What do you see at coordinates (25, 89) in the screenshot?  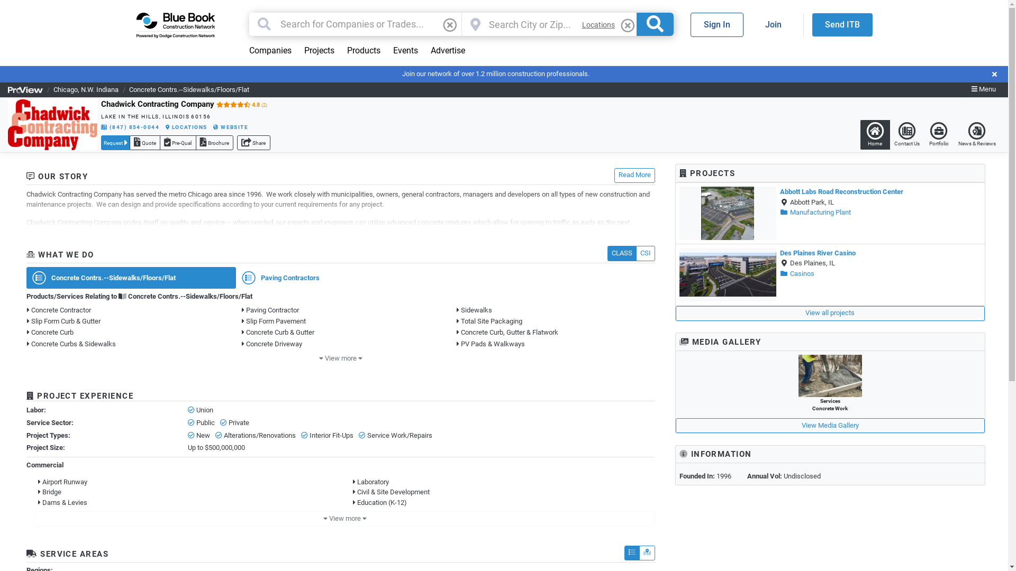 I see `'Learn more about ProView'` at bounding box center [25, 89].